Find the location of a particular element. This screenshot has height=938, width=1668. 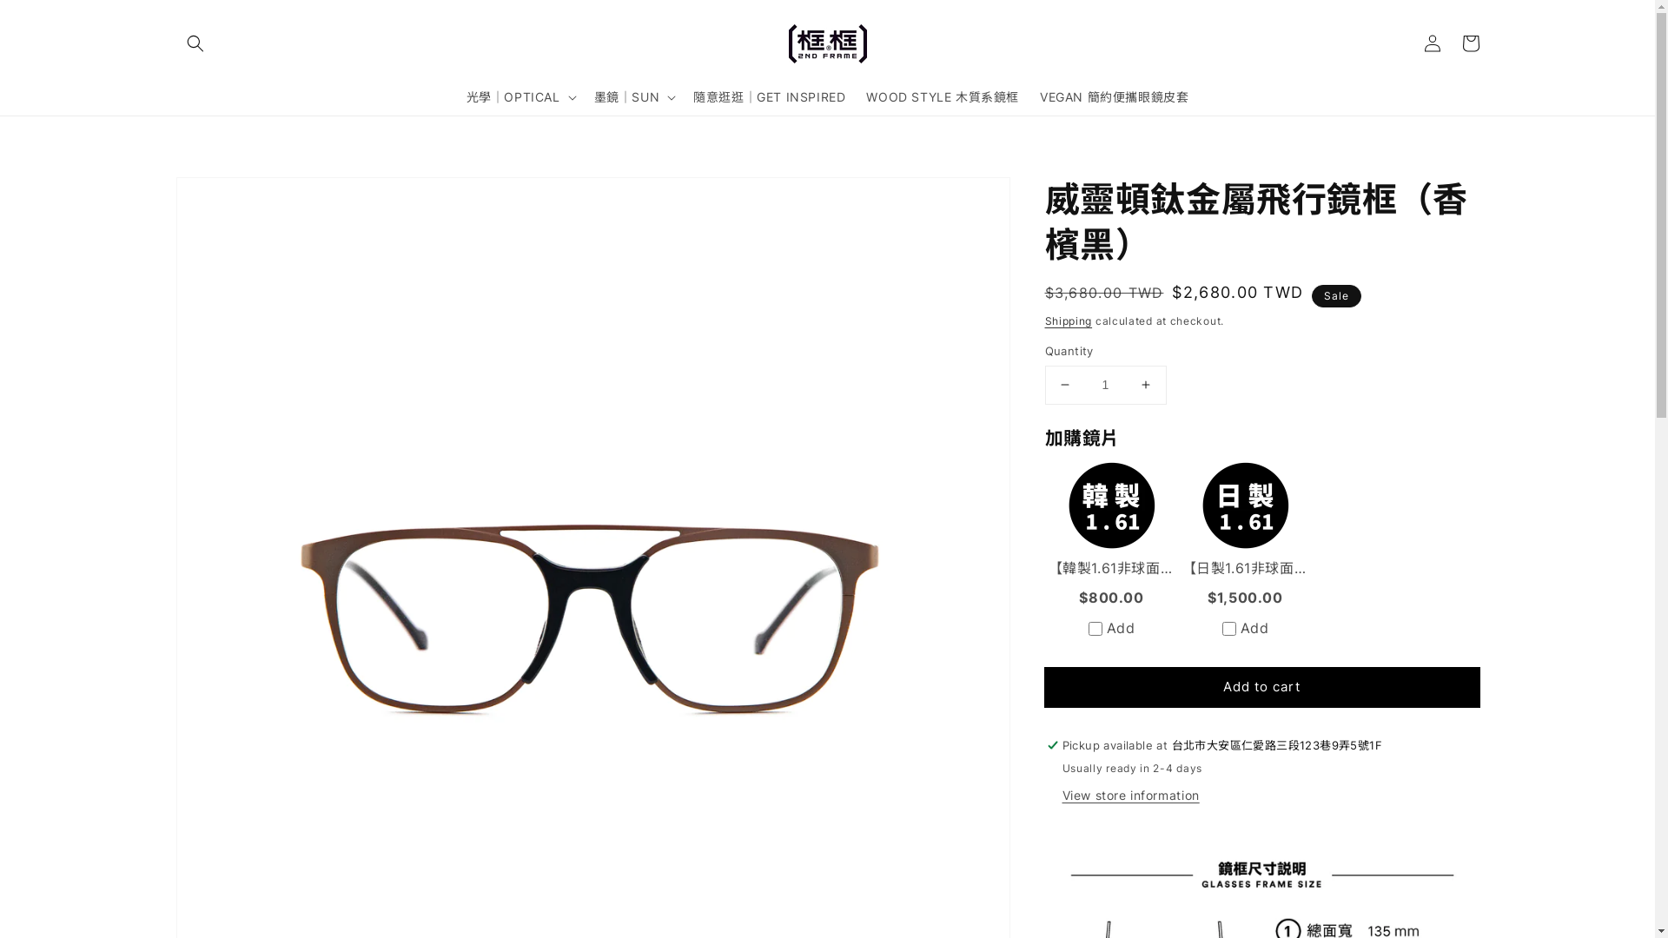

'Cart' is located at coordinates (1451, 43).